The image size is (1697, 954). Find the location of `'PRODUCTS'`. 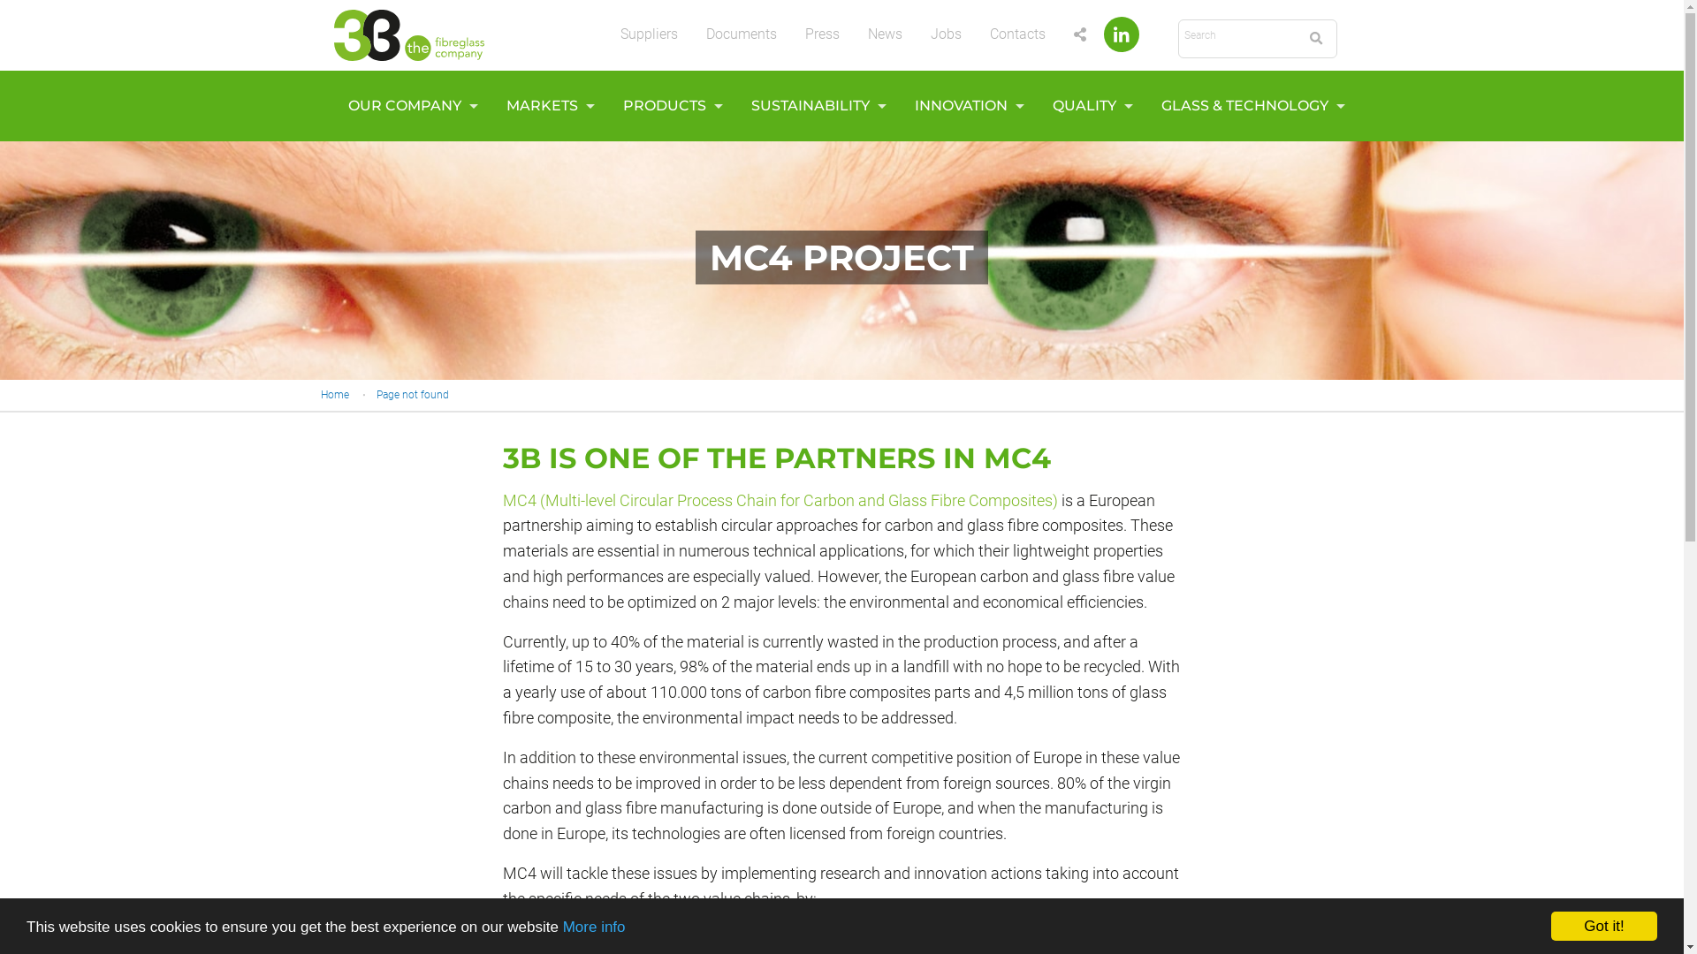

'PRODUCTS' is located at coordinates (666, 105).